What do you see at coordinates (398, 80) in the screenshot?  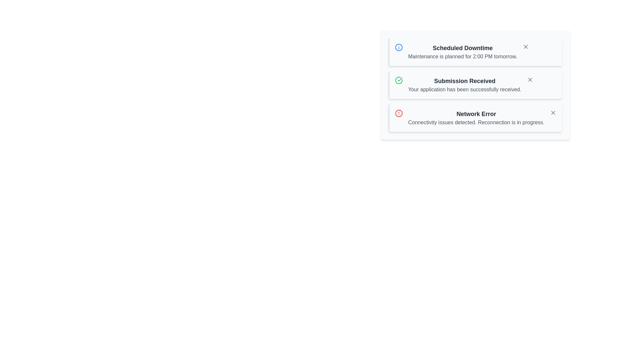 I see `the icon that symbolizes the successful submission of an application, located in the second notification card labeled 'Submission Received', beside the text` at bounding box center [398, 80].